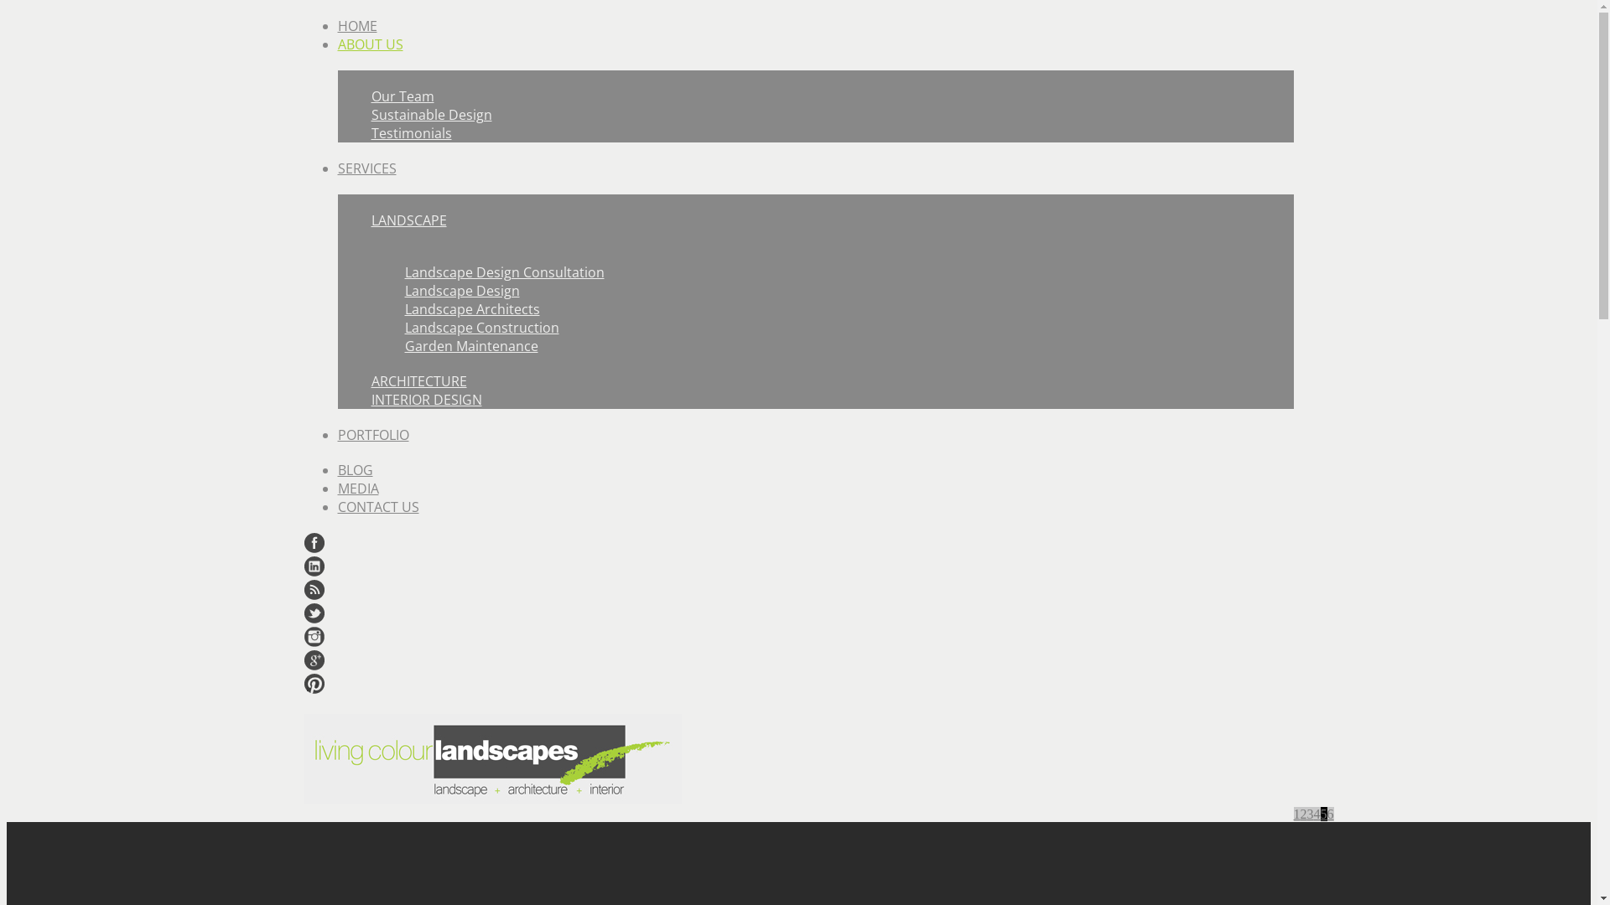  I want to click on 'ARCHITECTURE', so click(369, 381).